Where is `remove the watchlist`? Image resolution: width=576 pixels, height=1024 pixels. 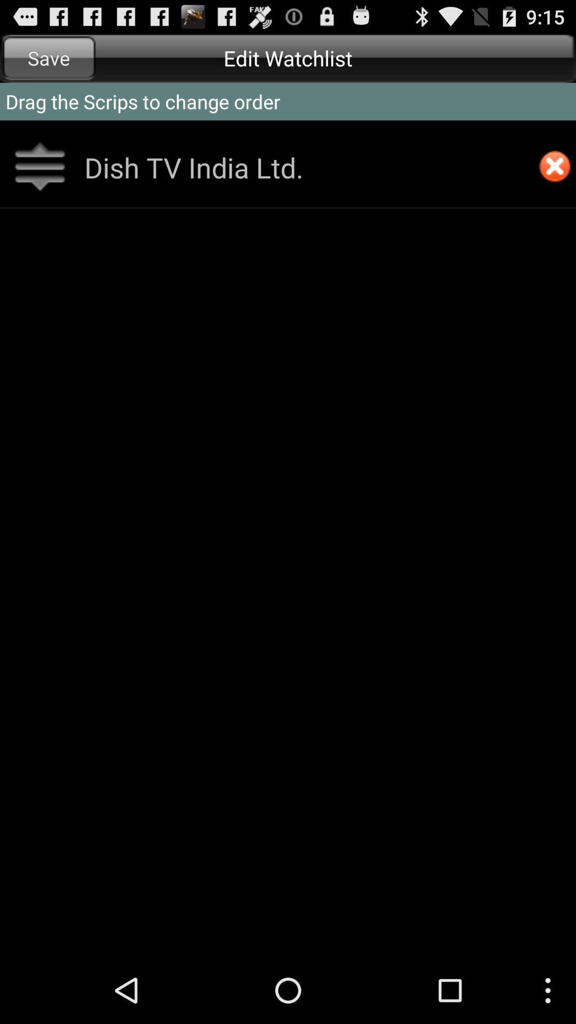 remove the watchlist is located at coordinates (554, 167).